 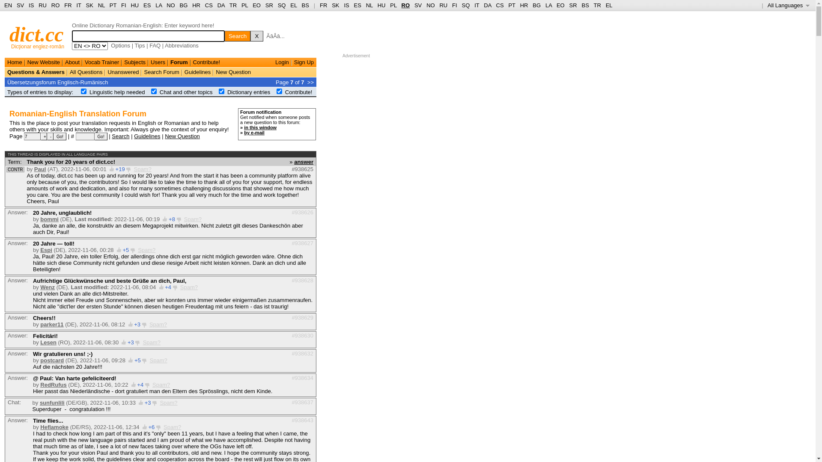 What do you see at coordinates (207, 62) in the screenshot?
I see `'Contribute!'` at bounding box center [207, 62].